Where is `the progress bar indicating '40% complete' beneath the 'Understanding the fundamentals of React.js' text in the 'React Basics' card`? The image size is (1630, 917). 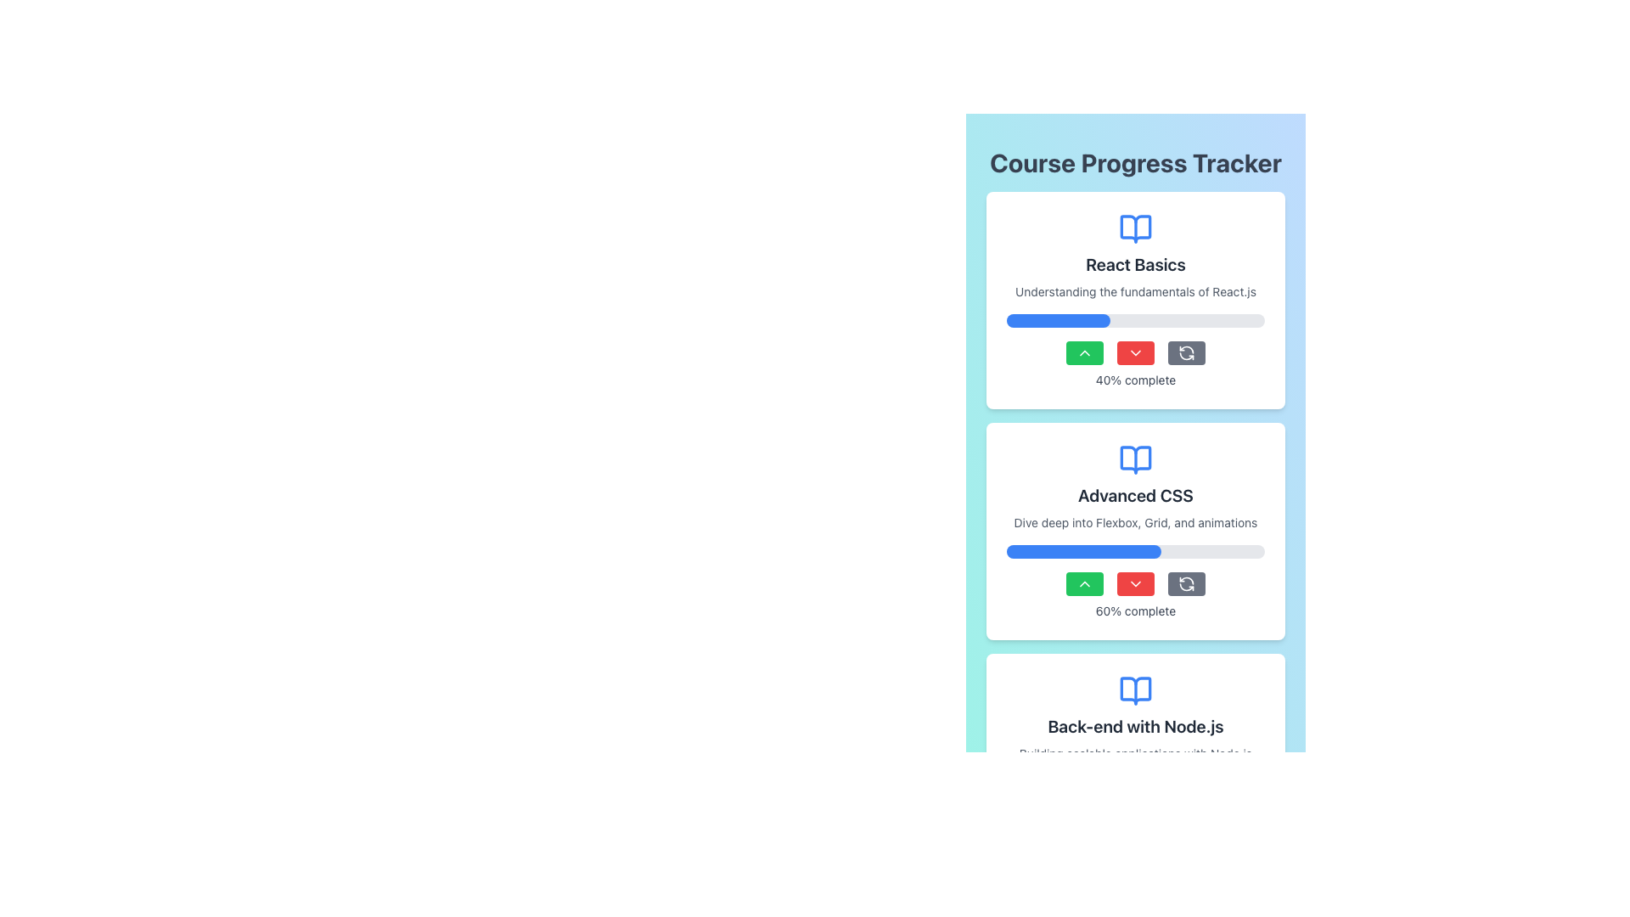 the progress bar indicating '40% complete' beneath the 'Understanding the fundamentals of React.js' text in the 'React Basics' card is located at coordinates (1136, 321).